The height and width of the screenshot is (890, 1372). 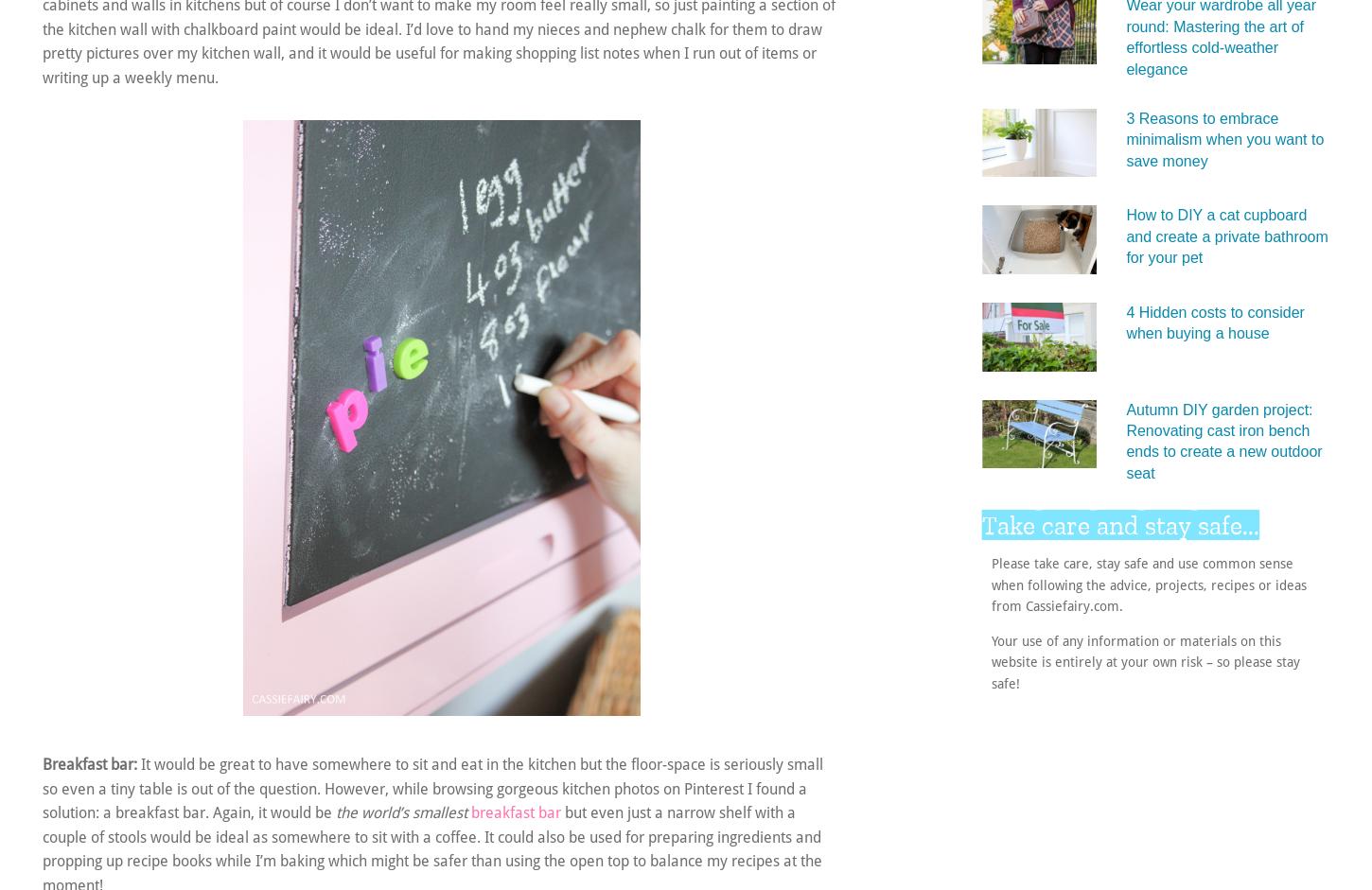 I want to click on '3 Reasons to embrace minimalism when you want to save money', so click(x=1224, y=137).